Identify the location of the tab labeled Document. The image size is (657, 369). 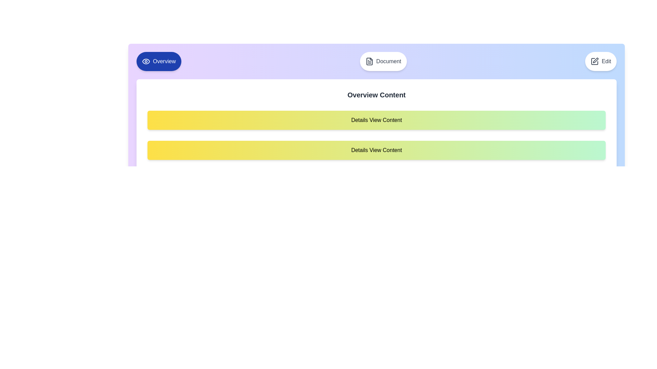
(383, 61).